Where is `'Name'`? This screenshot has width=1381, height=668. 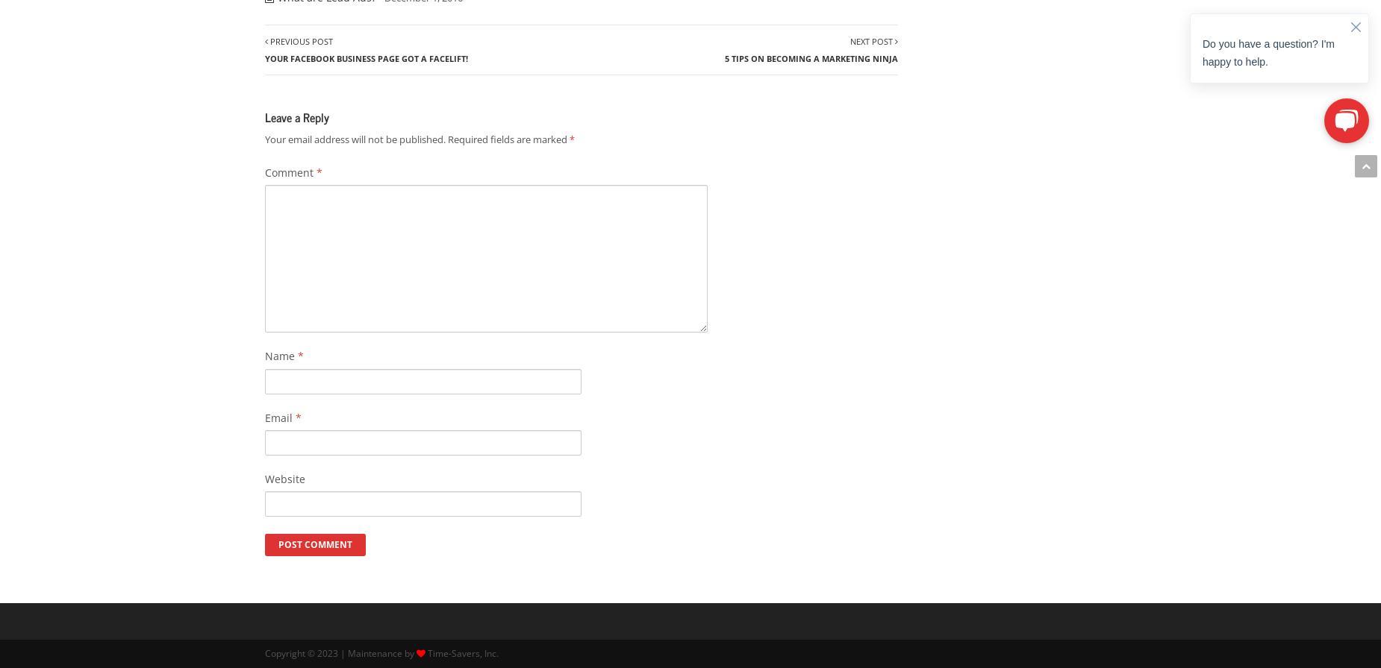
'Name' is located at coordinates (281, 356).